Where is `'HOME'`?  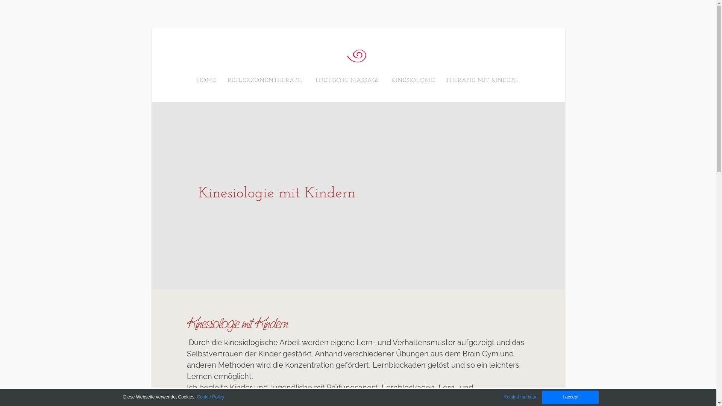
'HOME' is located at coordinates (206, 80).